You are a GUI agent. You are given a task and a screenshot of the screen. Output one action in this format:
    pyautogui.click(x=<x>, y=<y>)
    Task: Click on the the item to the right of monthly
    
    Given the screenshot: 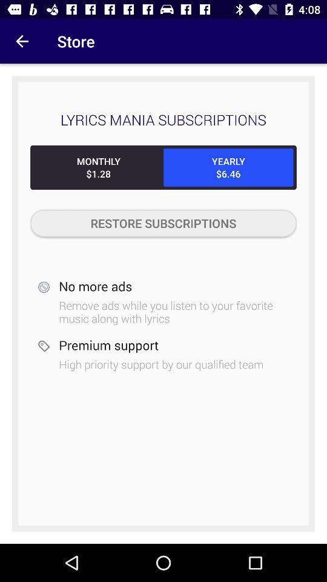 What is the action you would take?
    pyautogui.click(x=228, y=167)
    